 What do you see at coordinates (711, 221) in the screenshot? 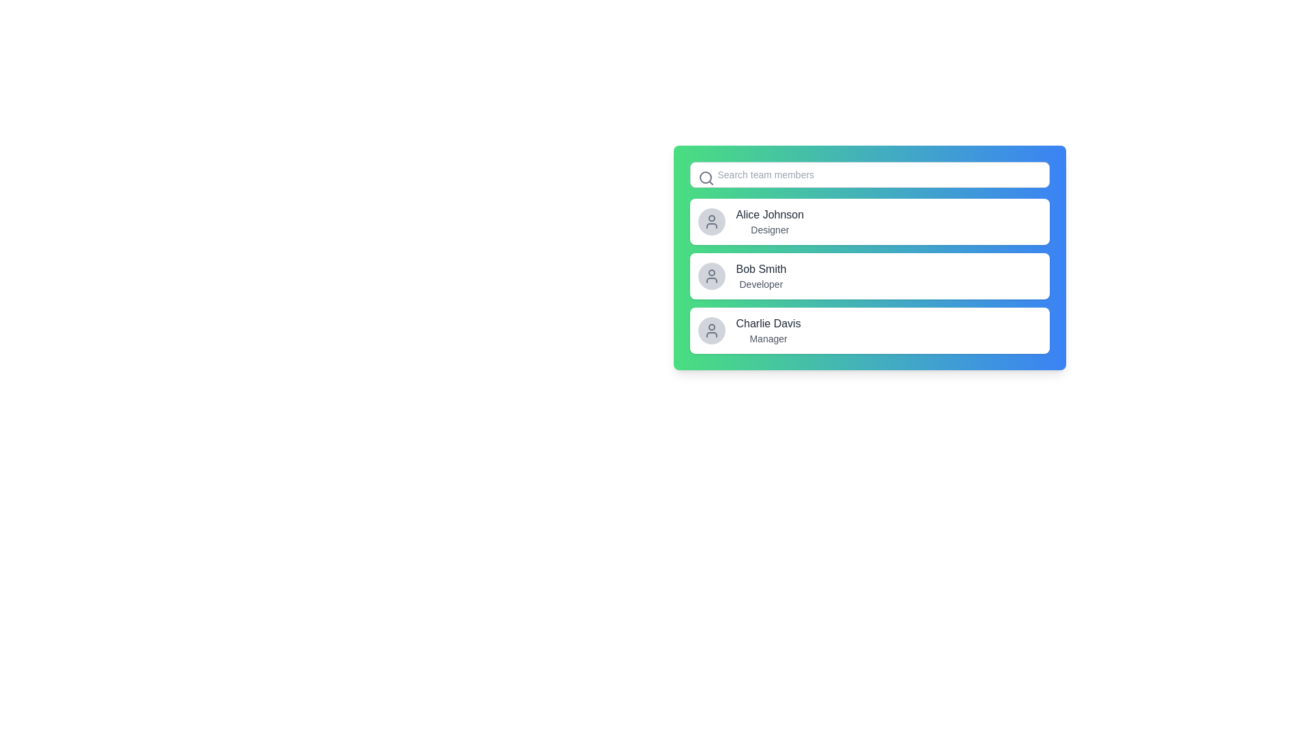
I see `the circular profile avatar icon with a gray background and white silhouette representing Alice Johnson's profile picture, located at the top-left corner of the card` at bounding box center [711, 221].